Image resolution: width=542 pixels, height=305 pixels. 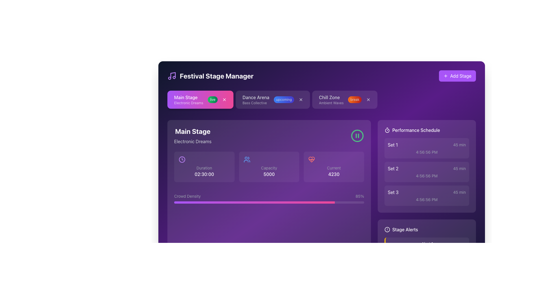 I want to click on the first schedule entry in the 'Performance Schedule' area, which displays information about a specific time block or event, so click(x=427, y=148).